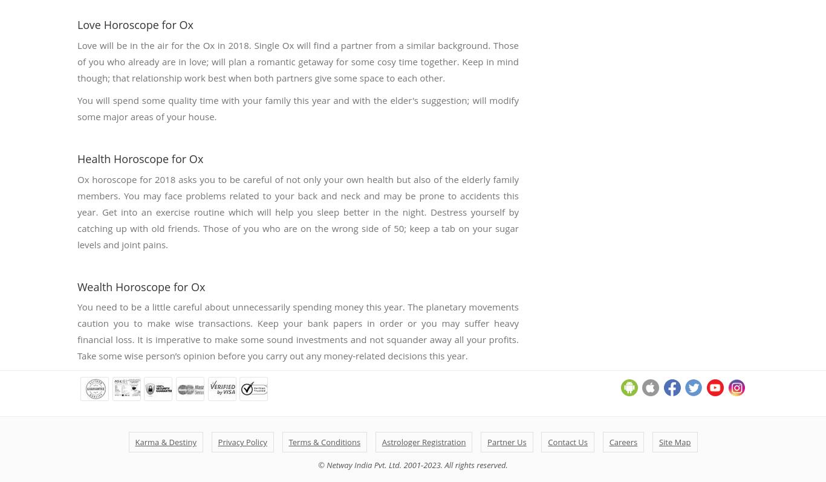 The height and width of the screenshot is (482, 826). What do you see at coordinates (324, 442) in the screenshot?
I see `'Terms & Conditions'` at bounding box center [324, 442].